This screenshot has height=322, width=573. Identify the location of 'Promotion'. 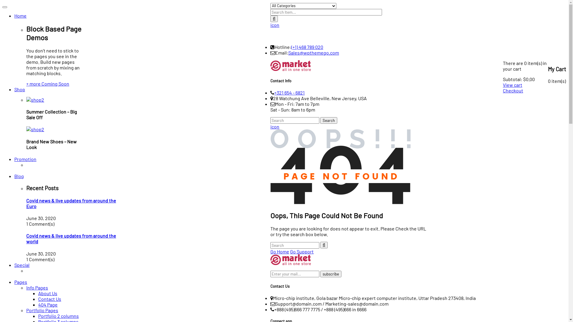
(25, 159).